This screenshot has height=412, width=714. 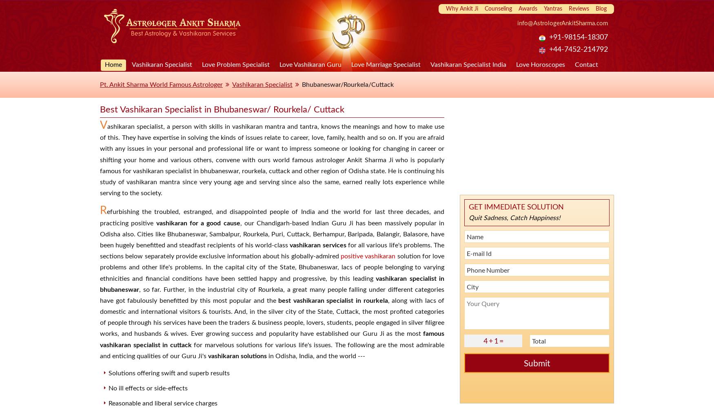 I want to click on 'Vashikaran specialist, a person with skills in vashikaran mantra and tantra, knows the meanings and how to make use of this. They have expertise in solving the kinds of issues relate to career, love, family, health and so on. If you are afraid with any issues in your personal and professional life or want to impress someone or looking for changing in career or shifting your home and various others, convene with ours world famous astrologer Ankit Sharma Ji who is popularly famous for vashikaran specialist in bhubaneswar, rourkela, cuttack and other region of Odisha state. He is continuing his study of vashikaran mantra since very young age and serving since also the same, earned really lots experience while serving to the society.', so click(x=100, y=158).